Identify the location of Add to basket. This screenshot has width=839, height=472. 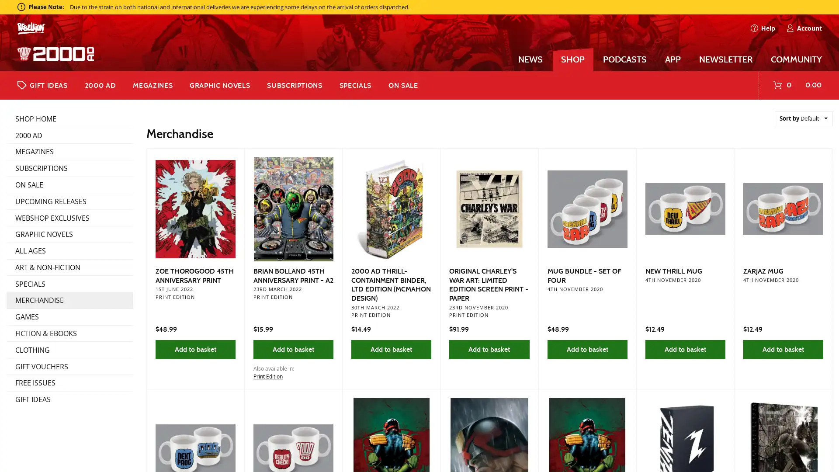
(489, 349).